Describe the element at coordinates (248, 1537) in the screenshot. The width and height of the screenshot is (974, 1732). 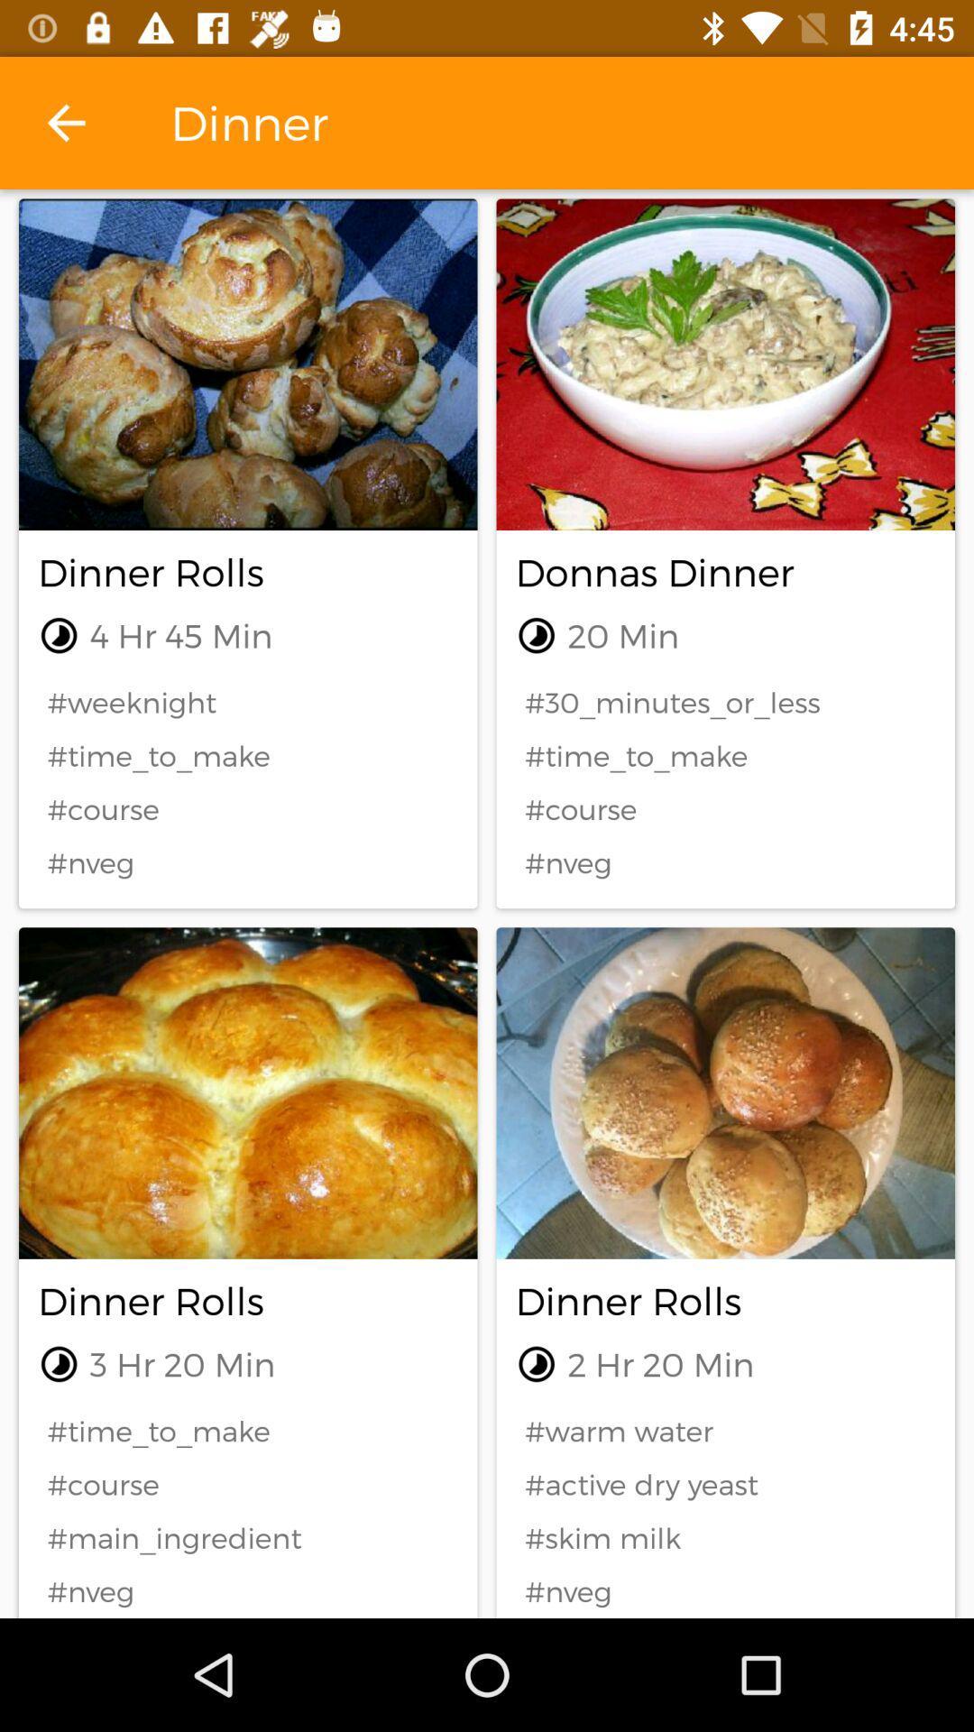
I see `the item below #course item` at that location.